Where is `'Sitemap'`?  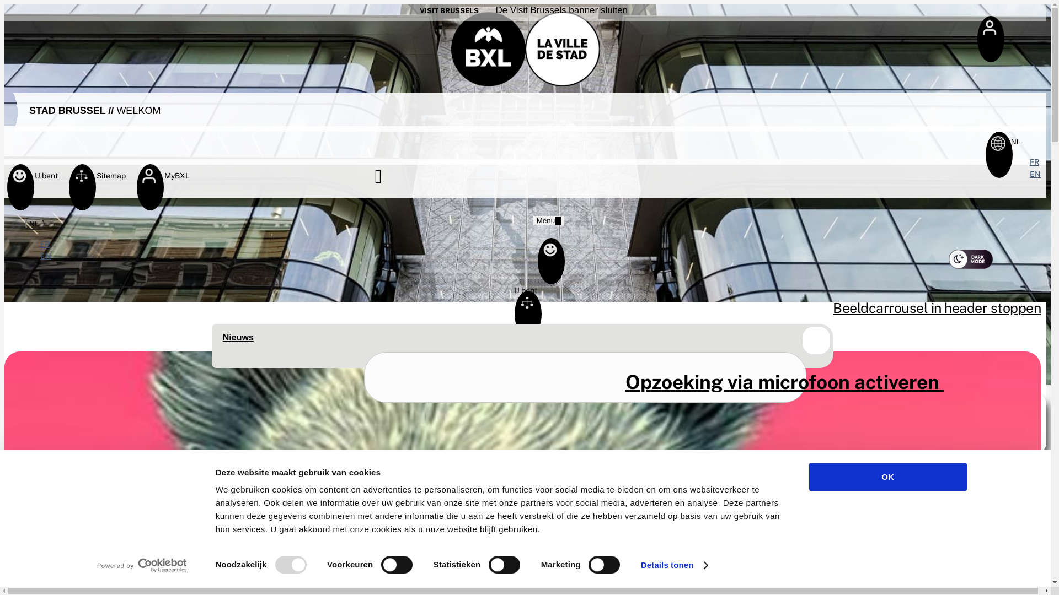
'Sitemap' is located at coordinates (66, 180).